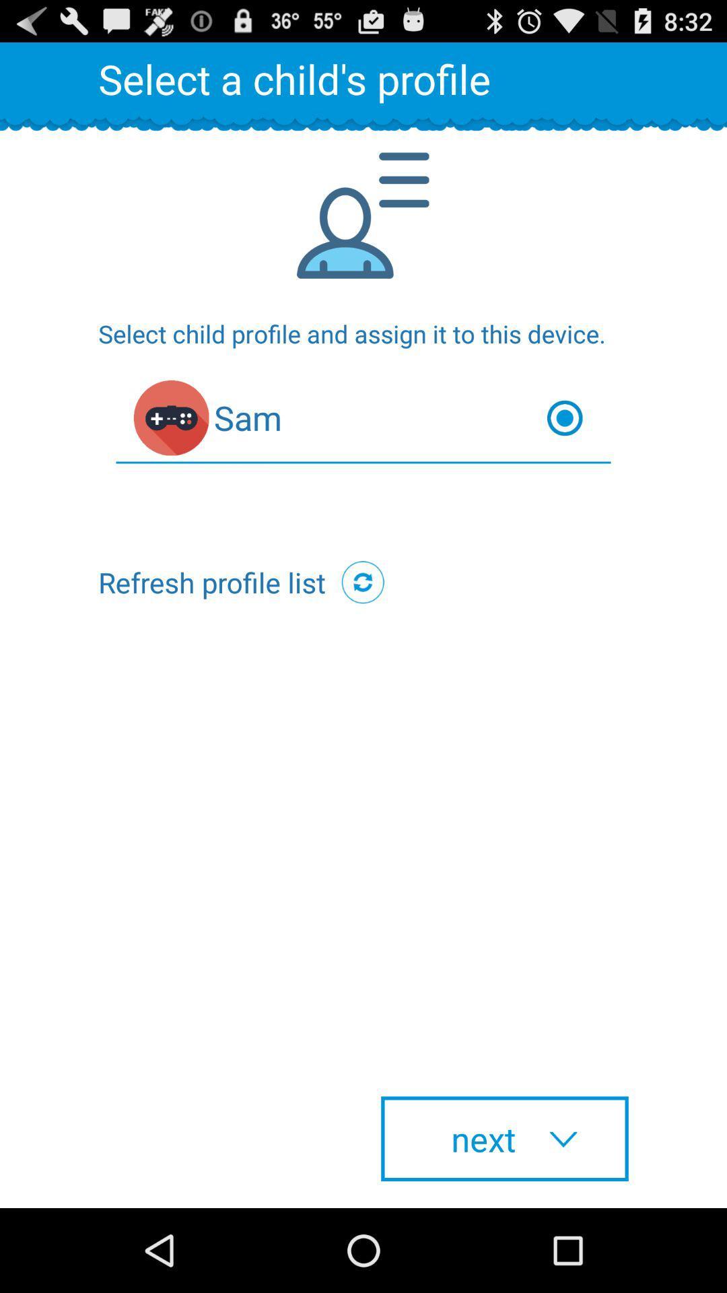  I want to click on the refresh icon, so click(362, 622).